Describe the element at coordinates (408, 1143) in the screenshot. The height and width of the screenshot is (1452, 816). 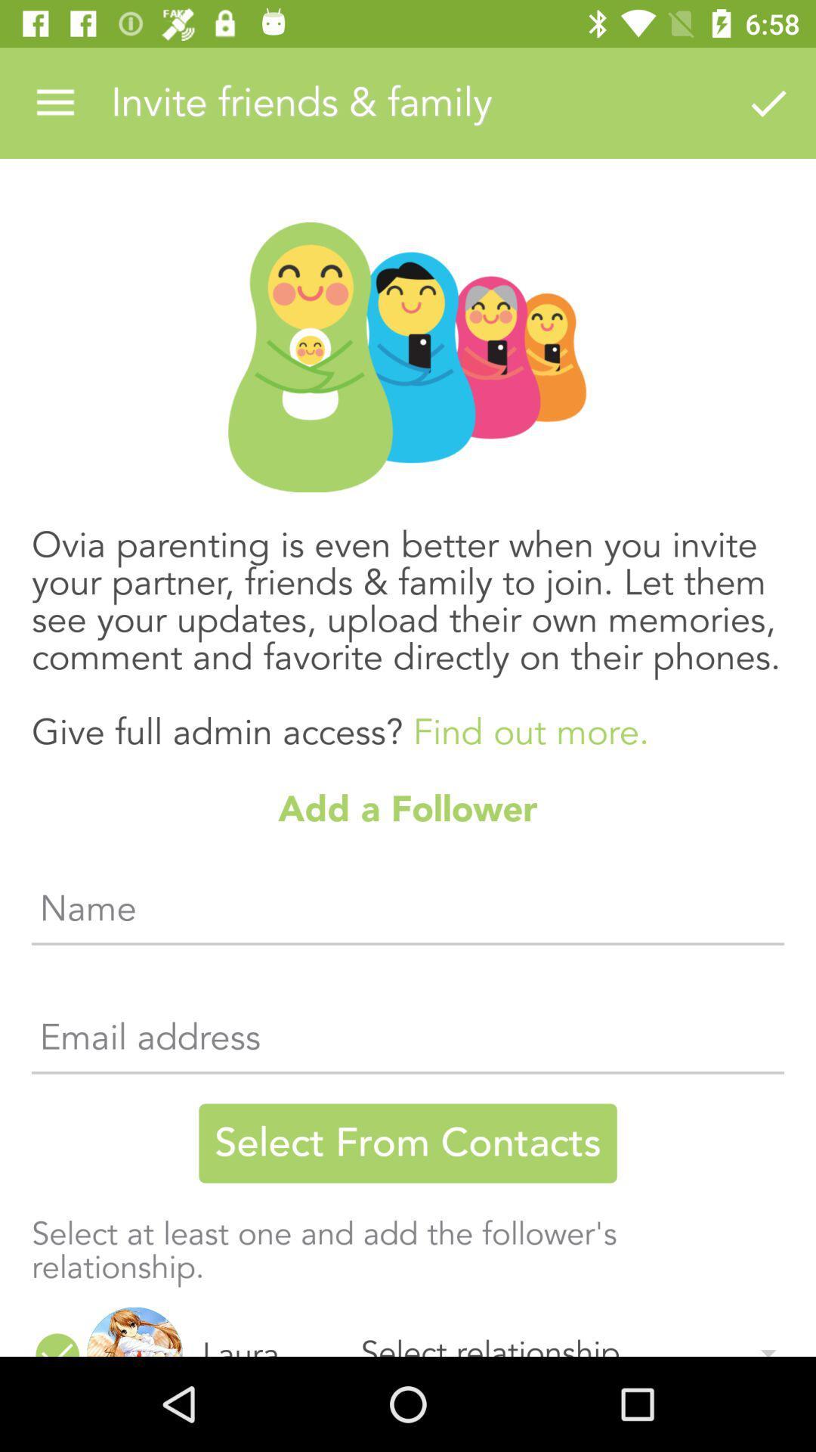
I see `icon above select at least icon` at that location.